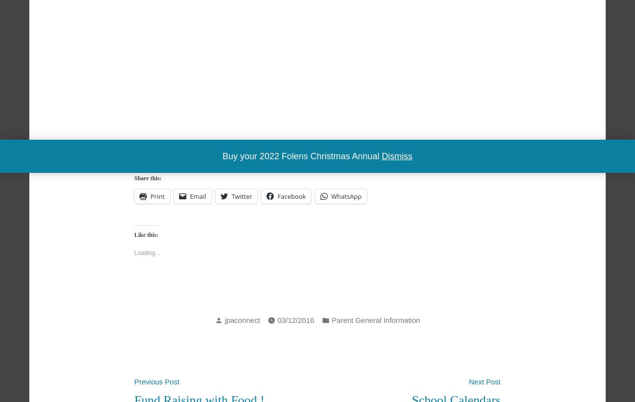  Describe the element at coordinates (134, 253) in the screenshot. I see `'Loading...'` at that location.